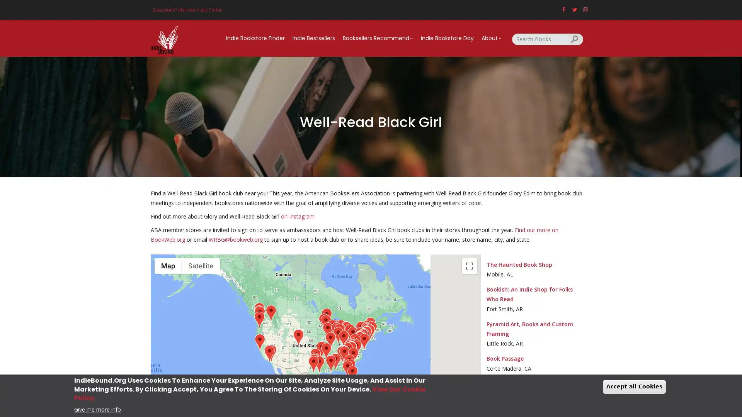 The height and width of the screenshot is (417, 742). What do you see at coordinates (360, 337) in the screenshot?
I see `Baltimore Read Aloud` at bounding box center [360, 337].